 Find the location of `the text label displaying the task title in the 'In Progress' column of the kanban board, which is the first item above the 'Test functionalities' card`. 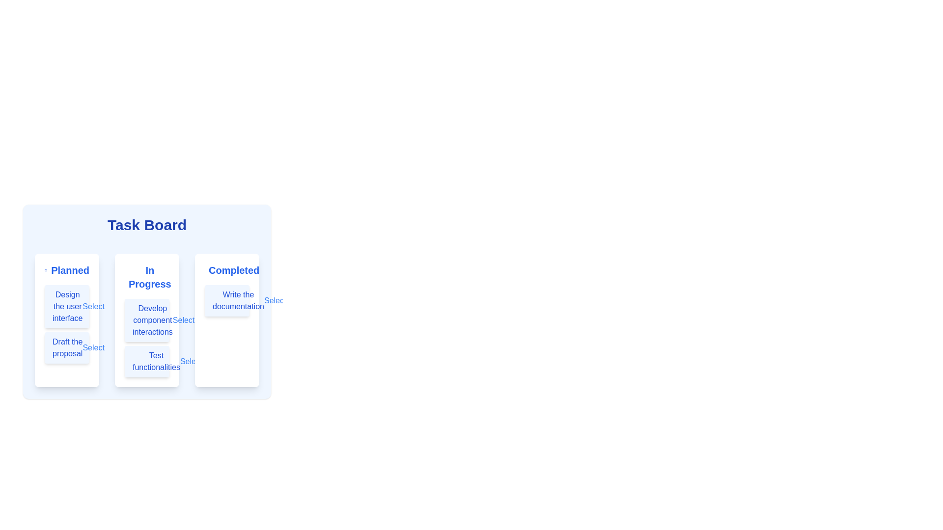

the text label displaying the task title in the 'In Progress' column of the kanban board, which is the first item above the 'Test functionalities' card is located at coordinates (152, 320).